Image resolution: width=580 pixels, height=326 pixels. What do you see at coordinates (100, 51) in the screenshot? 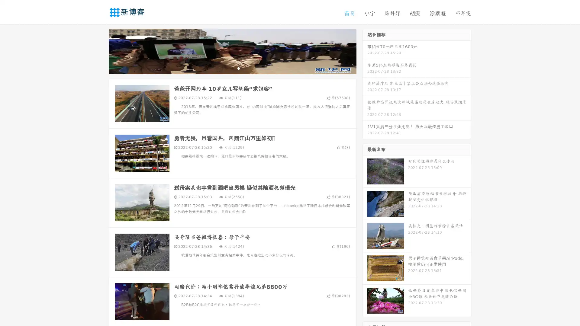
I see `Previous slide` at bounding box center [100, 51].